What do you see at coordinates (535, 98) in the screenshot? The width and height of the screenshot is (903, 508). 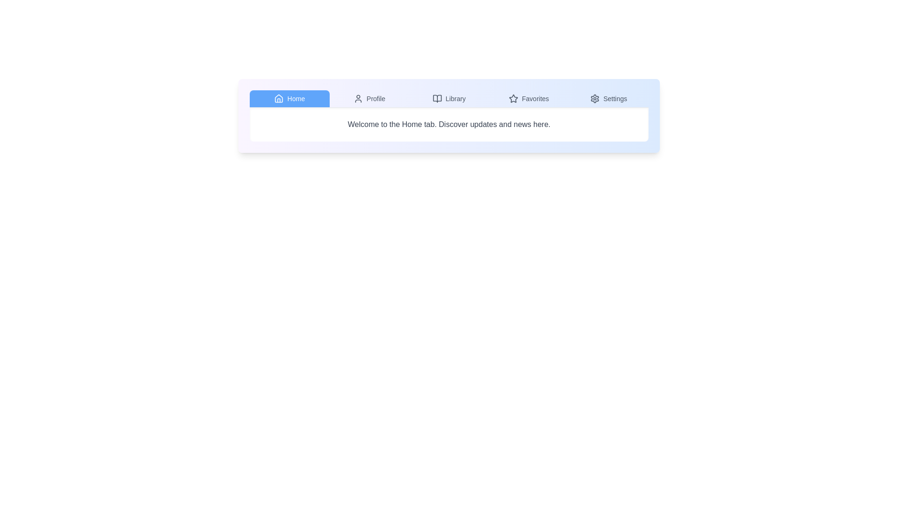 I see `the 'Favorites' text label in the horizontal menu bar` at bounding box center [535, 98].